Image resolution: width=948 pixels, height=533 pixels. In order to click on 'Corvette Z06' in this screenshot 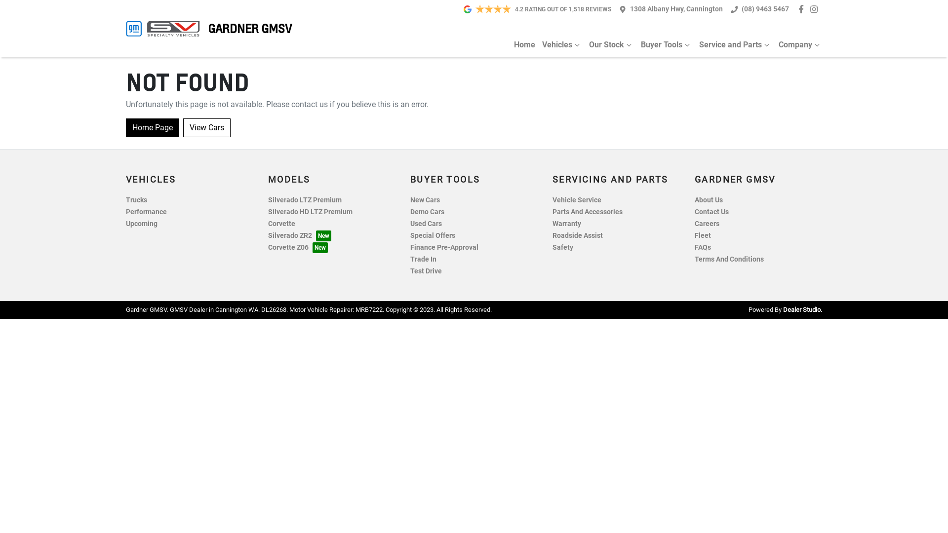, I will do `click(297, 247)`.